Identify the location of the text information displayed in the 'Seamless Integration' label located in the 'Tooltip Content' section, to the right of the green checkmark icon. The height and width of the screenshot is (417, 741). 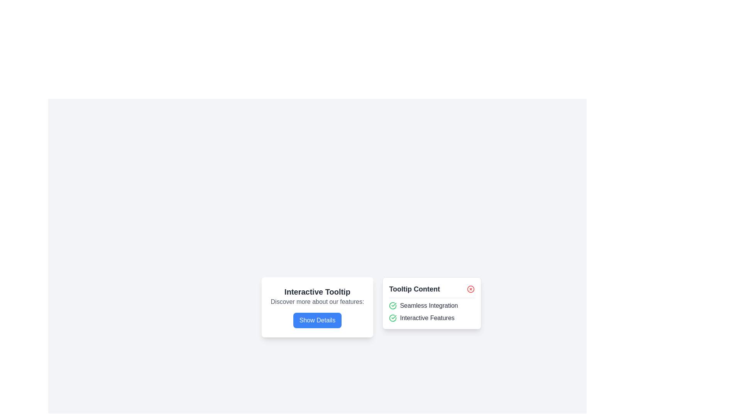
(428, 305).